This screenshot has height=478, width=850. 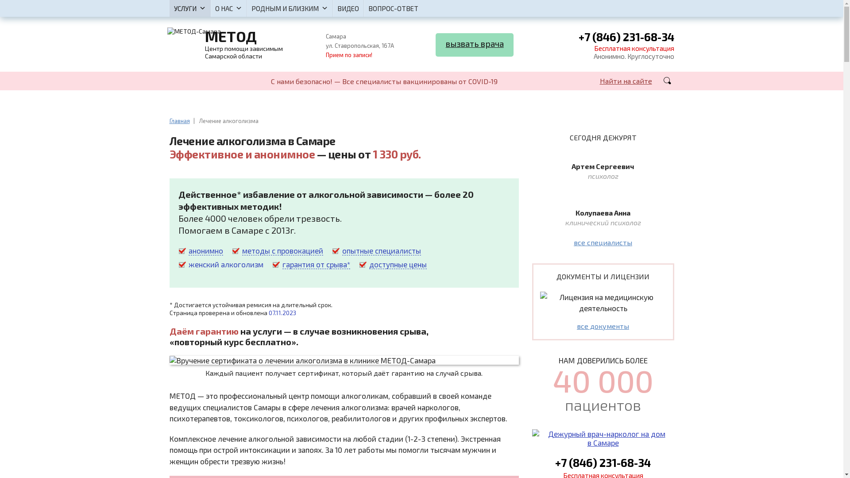 What do you see at coordinates (626, 37) in the screenshot?
I see `'+7 (846) 231-68-34'` at bounding box center [626, 37].